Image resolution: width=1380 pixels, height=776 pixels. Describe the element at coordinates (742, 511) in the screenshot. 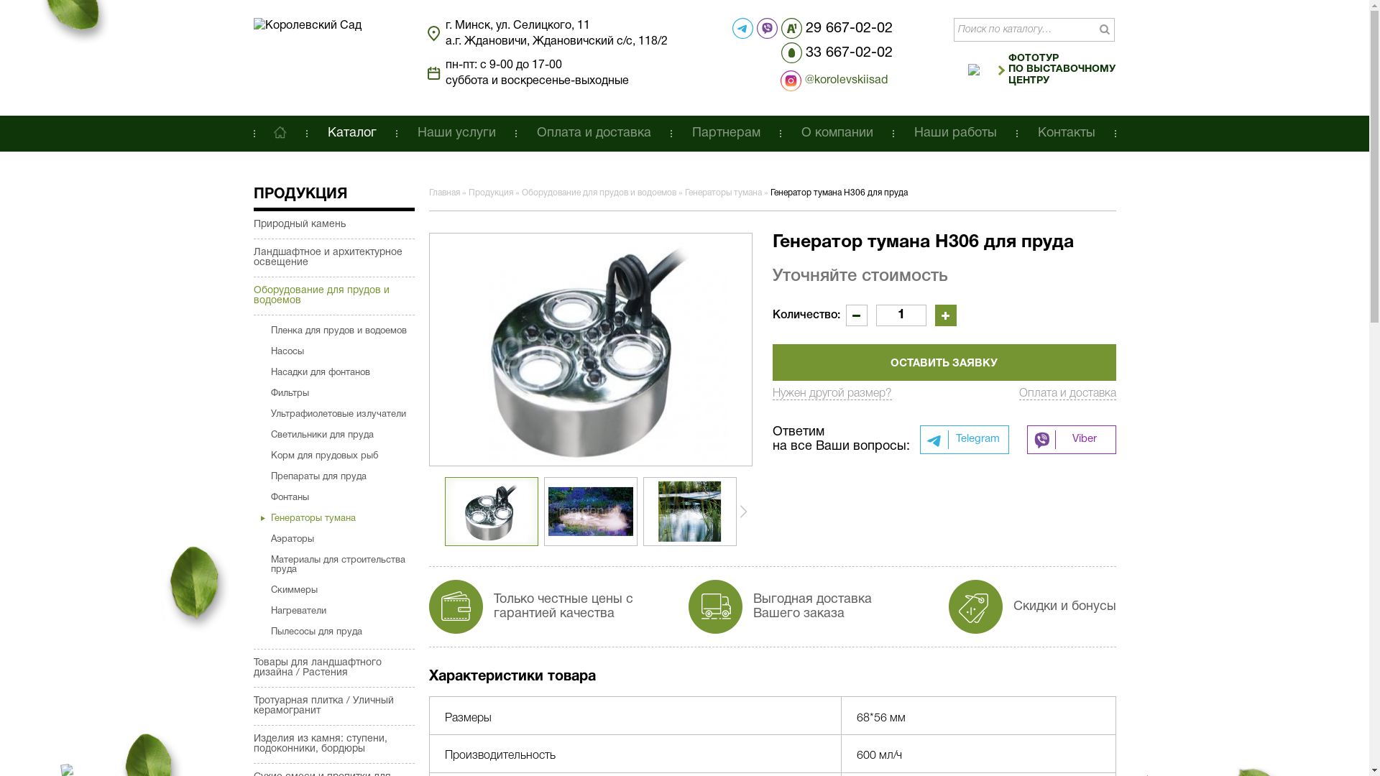

I see `'Next'` at that location.